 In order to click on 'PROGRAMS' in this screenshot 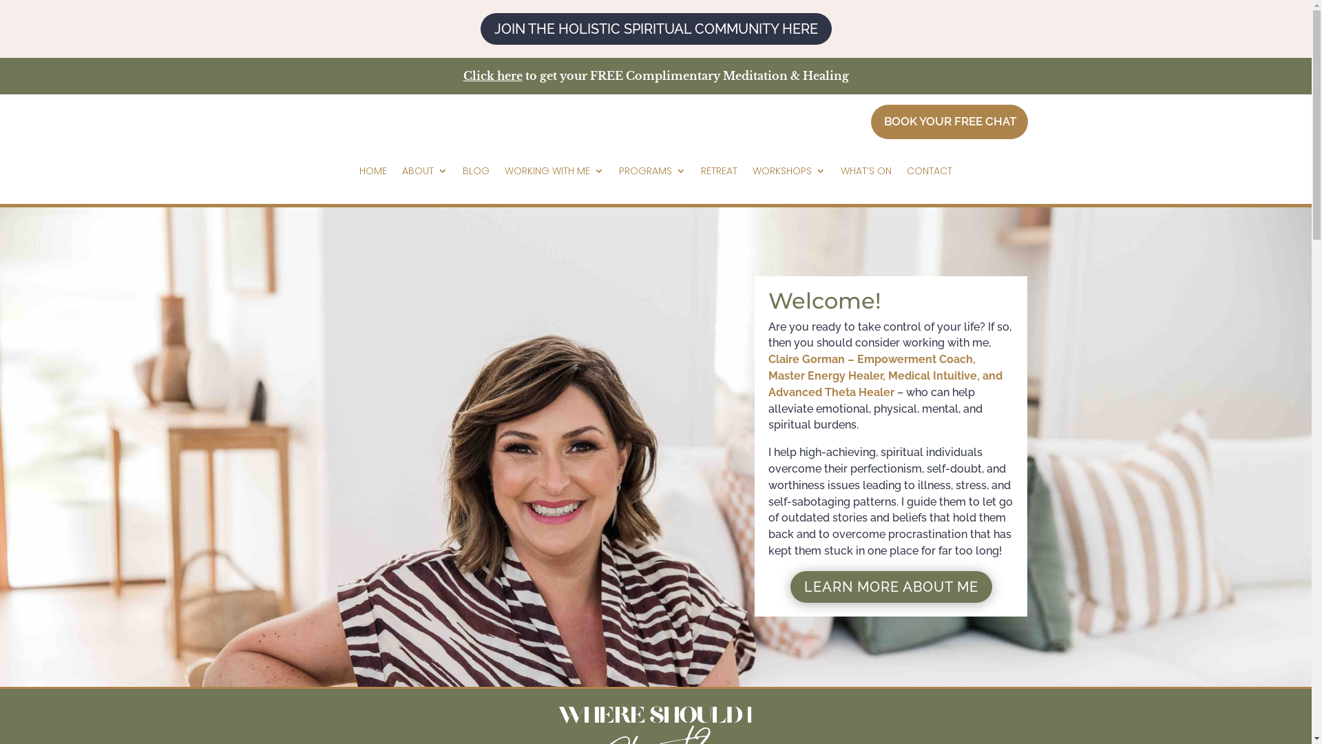, I will do `click(618, 169)`.